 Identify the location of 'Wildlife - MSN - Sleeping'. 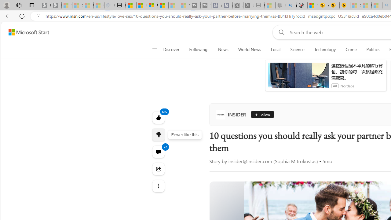
(269, 5).